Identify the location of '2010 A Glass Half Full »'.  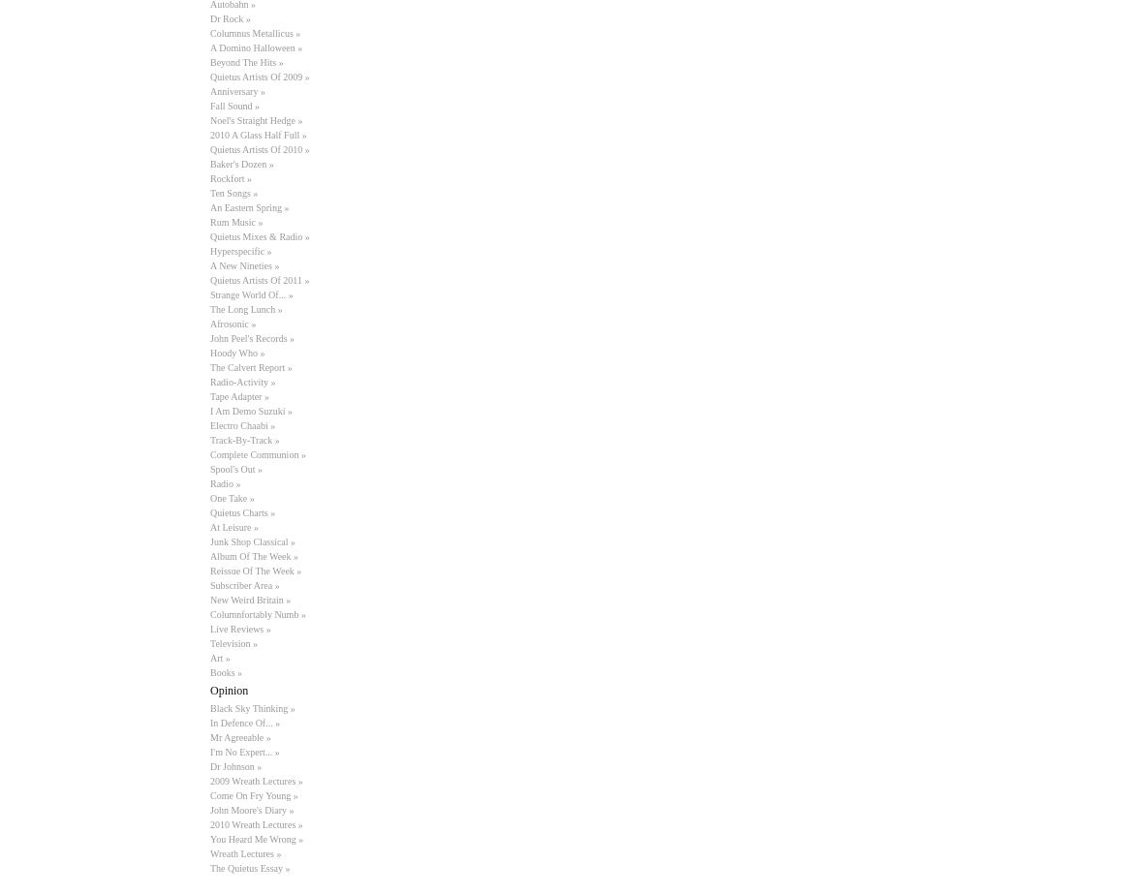
(257, 135).